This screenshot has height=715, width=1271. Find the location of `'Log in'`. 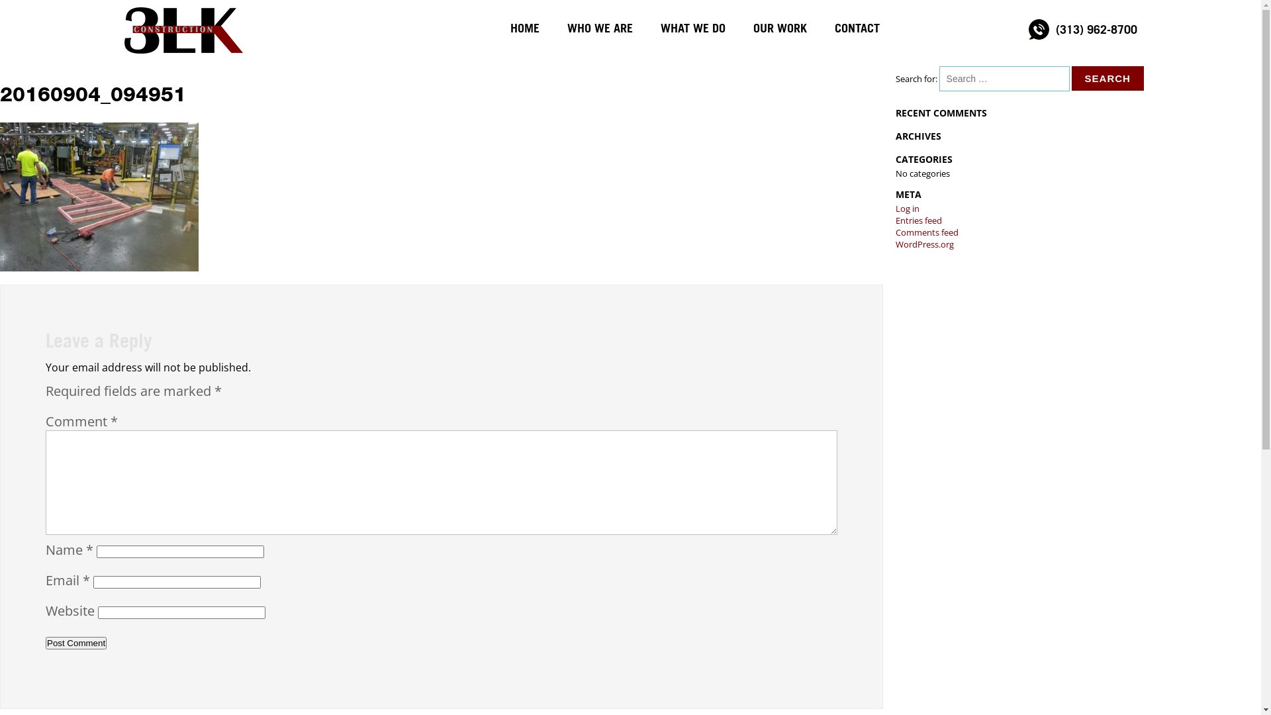

'Log in' is located at coordinates (896, 209).